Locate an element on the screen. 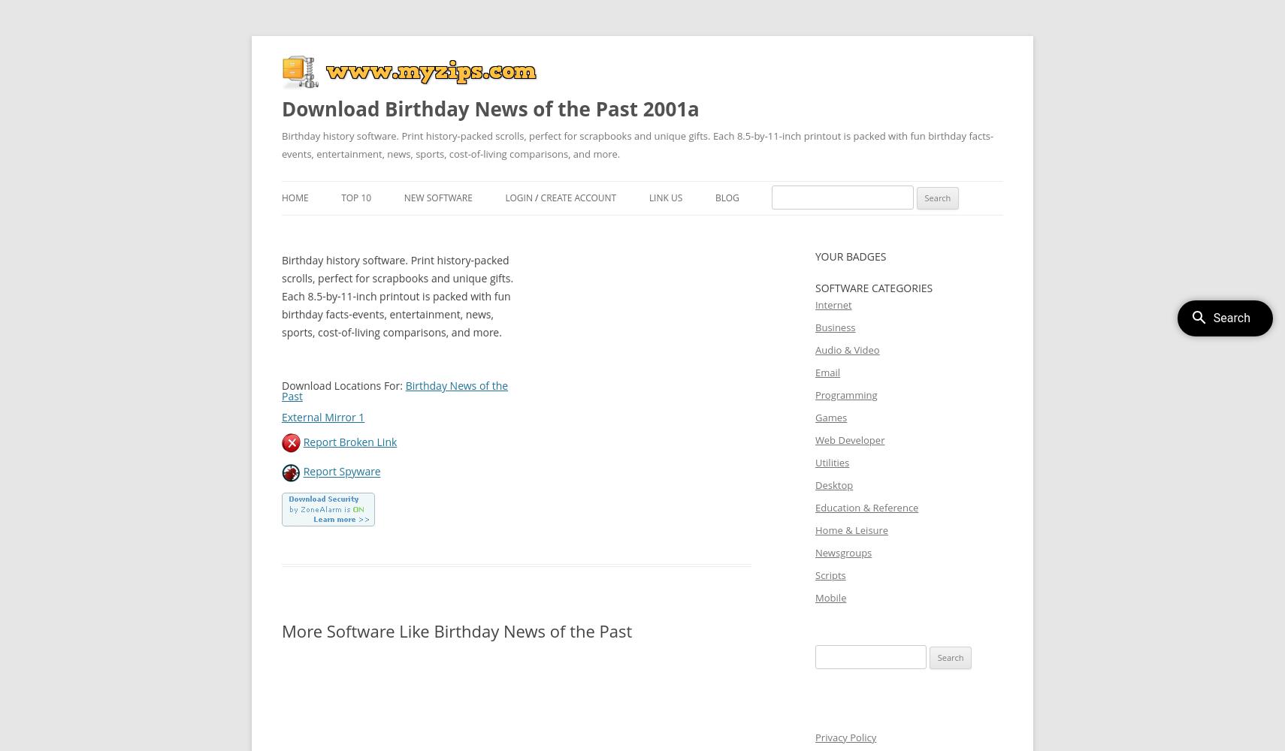 This screenshot has height=751, width=1285. 'Birthday News of the Past' is located at coordinates (281, 391).